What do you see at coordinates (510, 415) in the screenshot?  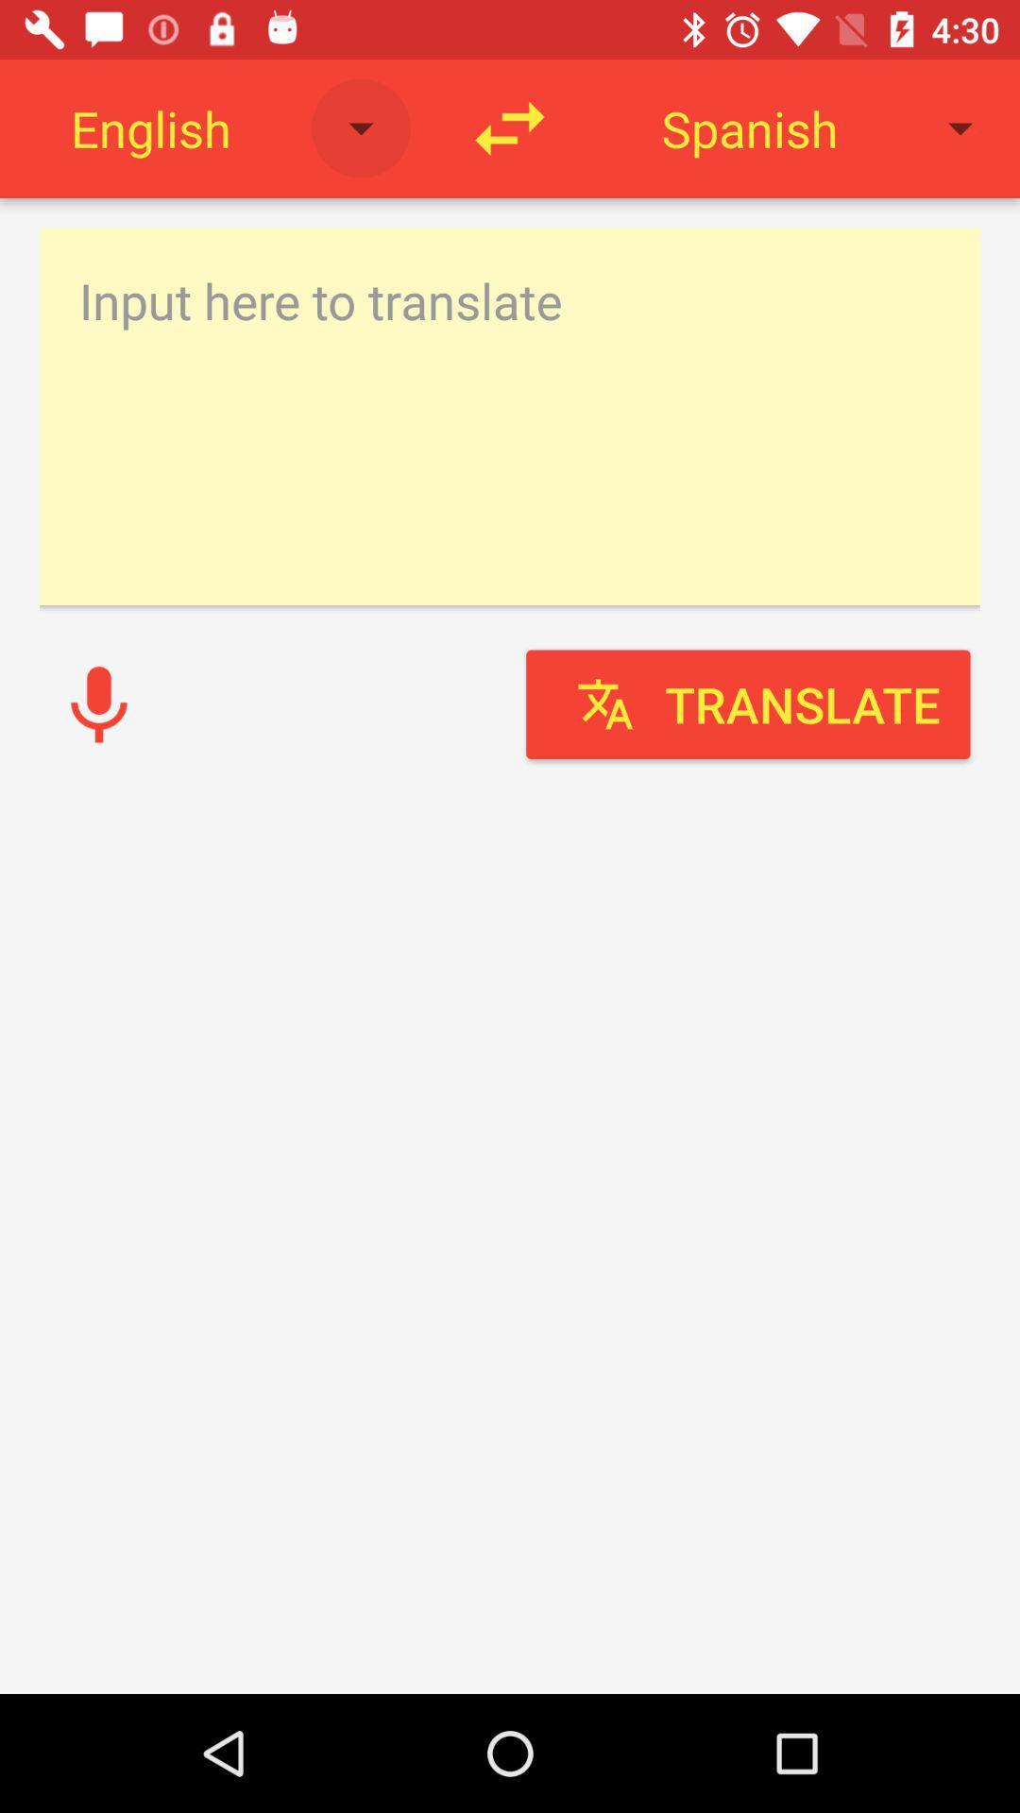 I see `writing text box` at bounding box center [510, 415].